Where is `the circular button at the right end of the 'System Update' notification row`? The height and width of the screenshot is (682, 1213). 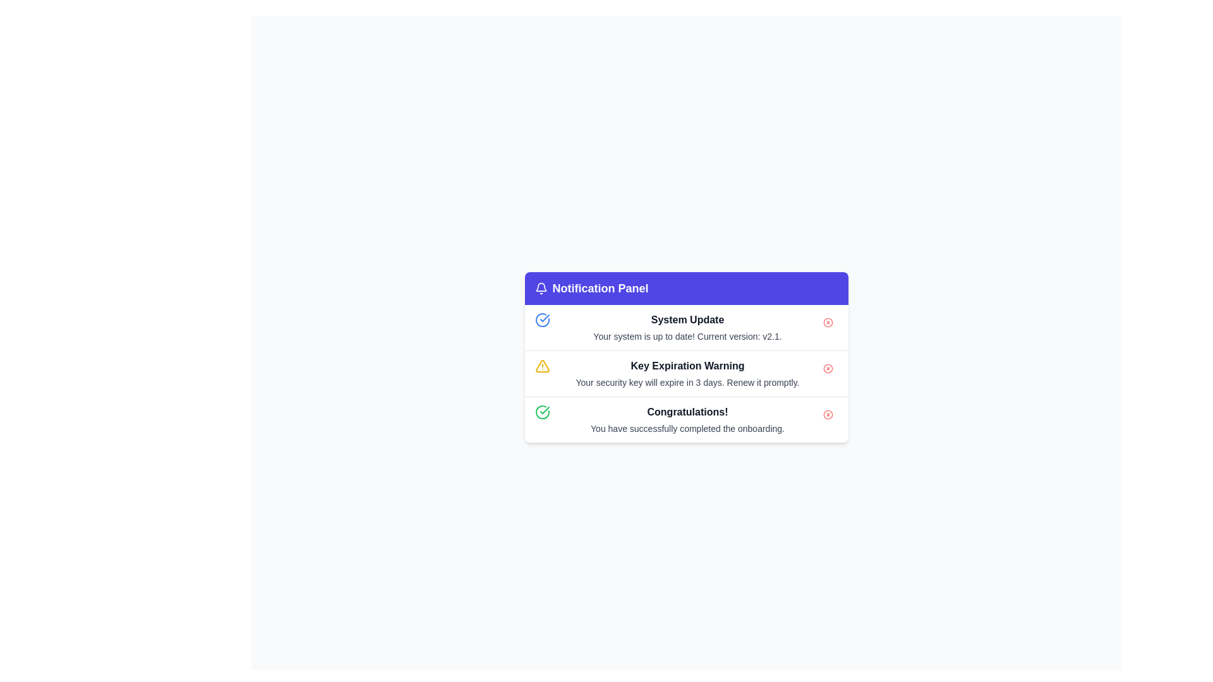 the circular button at the right end of the 'System Update' notification row is located at coordinates (828, 321).